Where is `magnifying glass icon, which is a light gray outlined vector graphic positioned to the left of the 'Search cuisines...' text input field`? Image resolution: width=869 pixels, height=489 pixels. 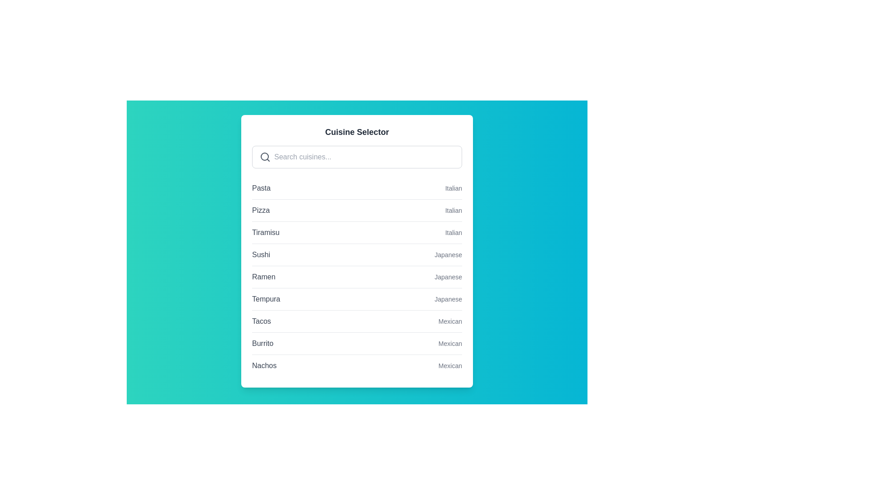 magnifying glass icon, which is a light gray outlined vector graphic positioned to the left of the 'Search cuisines...' text input field is located at coordinates (264, 157).